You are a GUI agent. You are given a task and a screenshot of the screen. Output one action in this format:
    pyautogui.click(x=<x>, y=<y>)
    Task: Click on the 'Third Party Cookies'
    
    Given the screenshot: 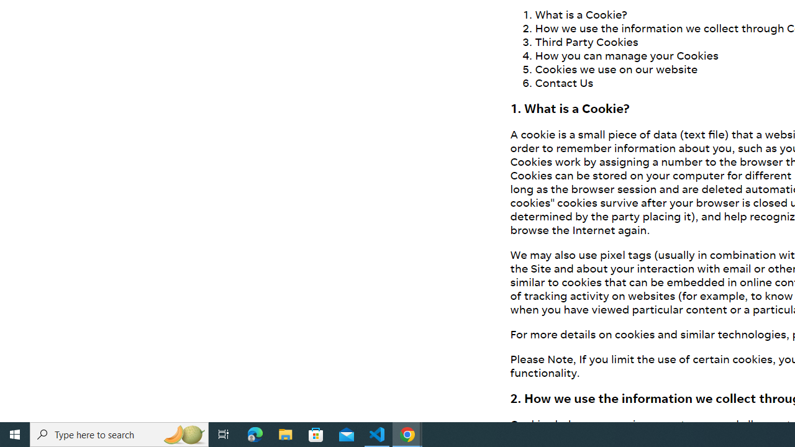 What is the action you would take?
    pyautogui.click(x=586, y=40)
    